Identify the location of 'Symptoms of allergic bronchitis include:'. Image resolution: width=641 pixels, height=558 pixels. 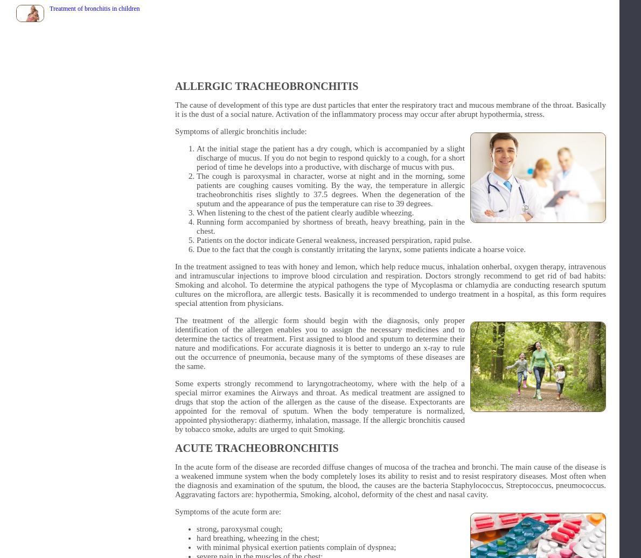
(175, 131).